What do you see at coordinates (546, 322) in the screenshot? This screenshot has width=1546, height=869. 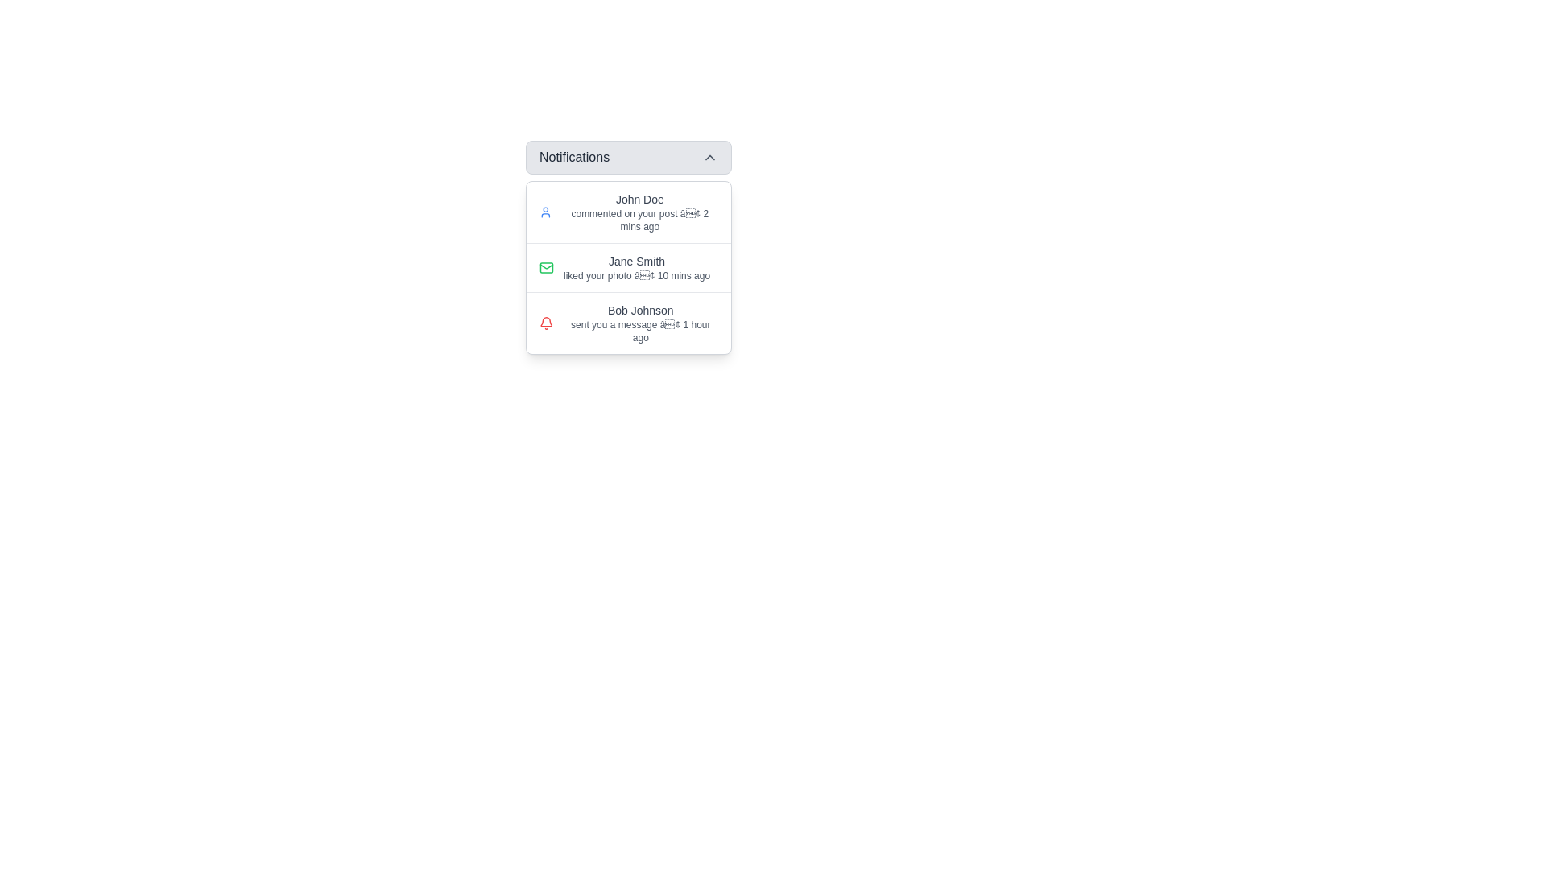 I see `the red bell icon located in the notification popup` at bounding box center [546, 322].